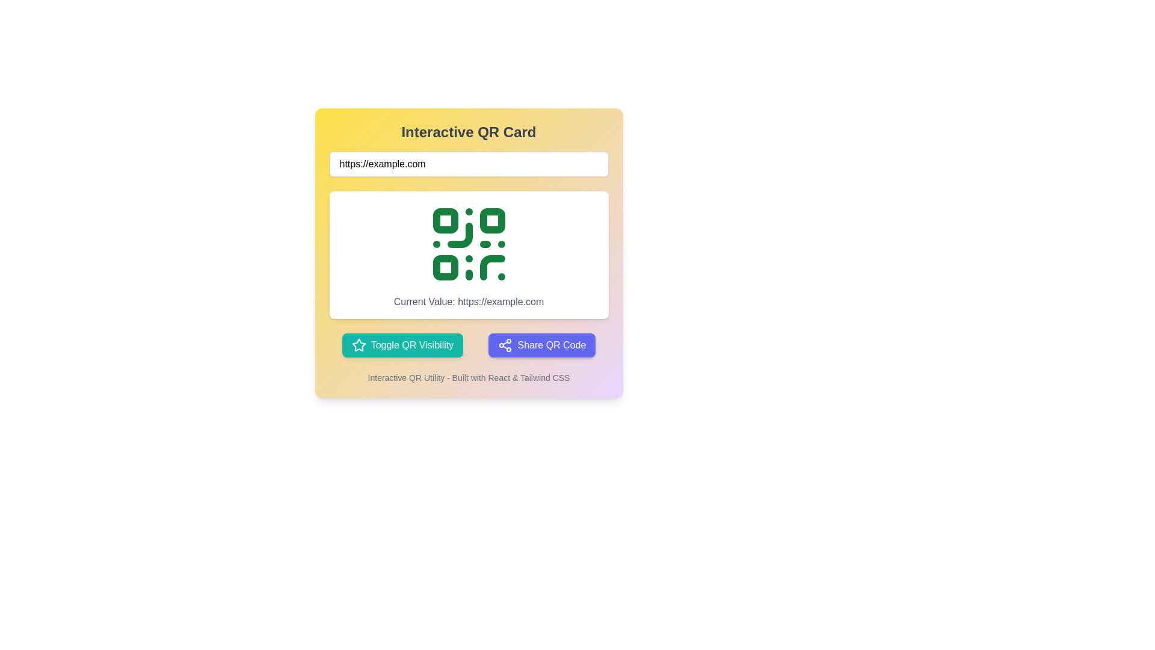  What do you see at coordinates (468, 301) in the screenshot?
I see `text displayed in the Text Label that shows the current URL value represented by the QR code, located at the bottom of the primary card section, directly below the QR code graphic` at bounding box center [468, 301].